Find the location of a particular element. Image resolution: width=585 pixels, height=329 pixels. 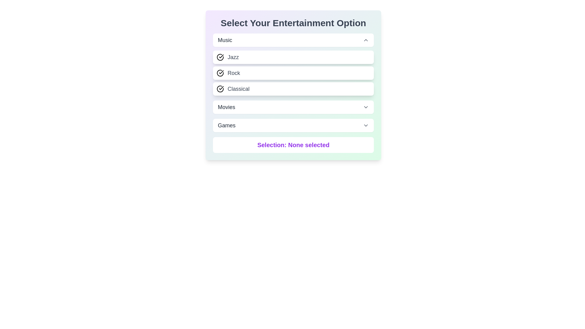

the checkmark icon indicating that the 'Jazz' option is selected within the checkbox UI element for the Music category is located at coordinates (221, 56).